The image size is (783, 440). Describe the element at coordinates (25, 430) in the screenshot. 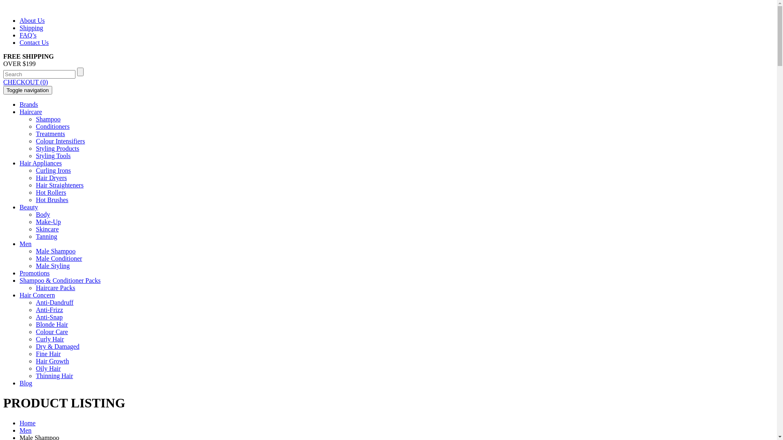

I see `'Men'` at that location.